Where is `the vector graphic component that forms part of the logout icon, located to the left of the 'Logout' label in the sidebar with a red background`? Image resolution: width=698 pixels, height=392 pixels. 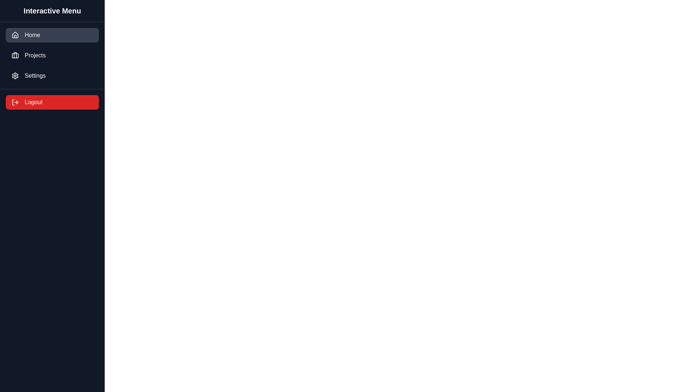 the vector graphic component that forms part of the logout icon, located to the left of the 'Logout' label in the sidebar with a red background is located at coordinates (13, 102).